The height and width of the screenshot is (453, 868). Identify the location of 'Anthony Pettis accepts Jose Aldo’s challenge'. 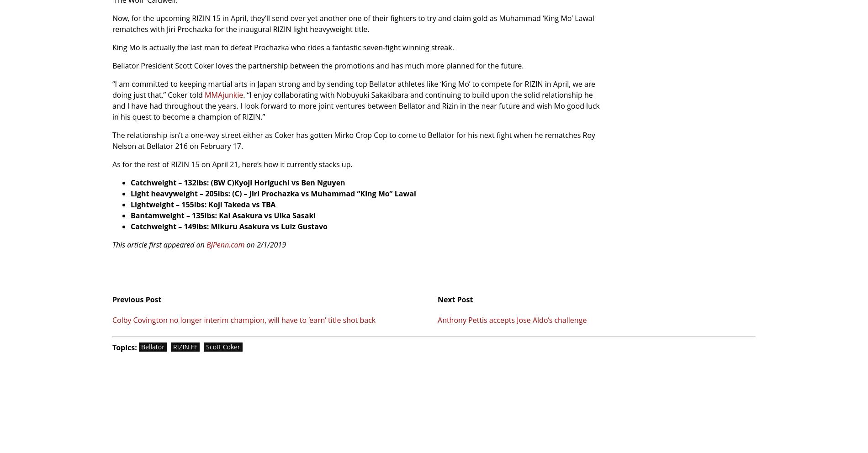
(512, 320).